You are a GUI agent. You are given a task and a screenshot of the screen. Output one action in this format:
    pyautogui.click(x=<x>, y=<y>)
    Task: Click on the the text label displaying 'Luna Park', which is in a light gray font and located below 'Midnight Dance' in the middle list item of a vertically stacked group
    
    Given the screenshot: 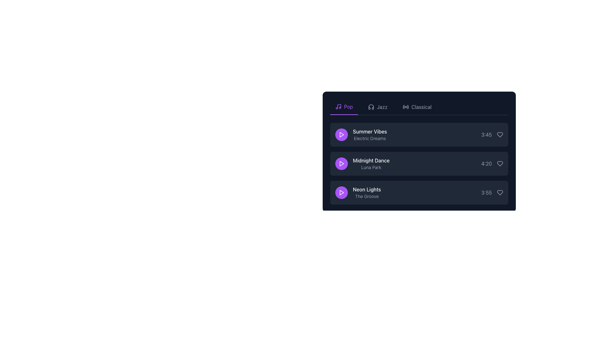 What is the action you would take?
    pyautogui.click(x=371, y=167)
    